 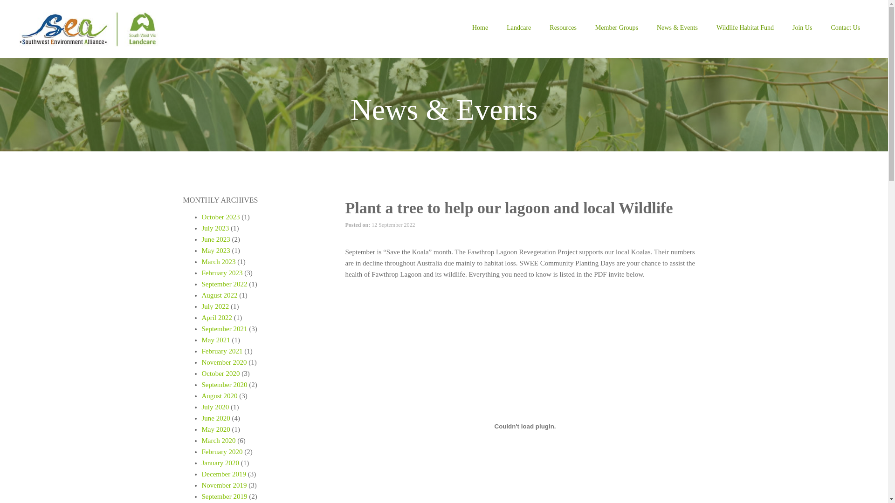 I want to click on 'Join Us', so click(x=802, y=28).